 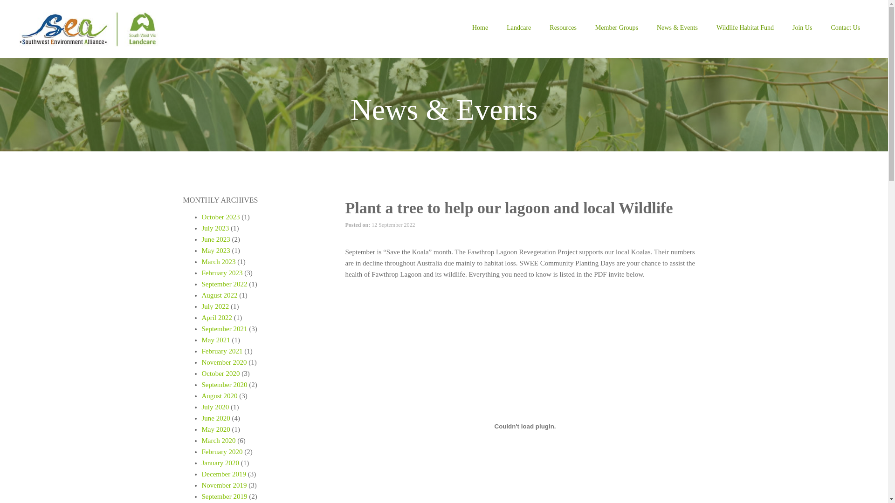 I want to click on 'Join Us', so click(x=802, y=28).